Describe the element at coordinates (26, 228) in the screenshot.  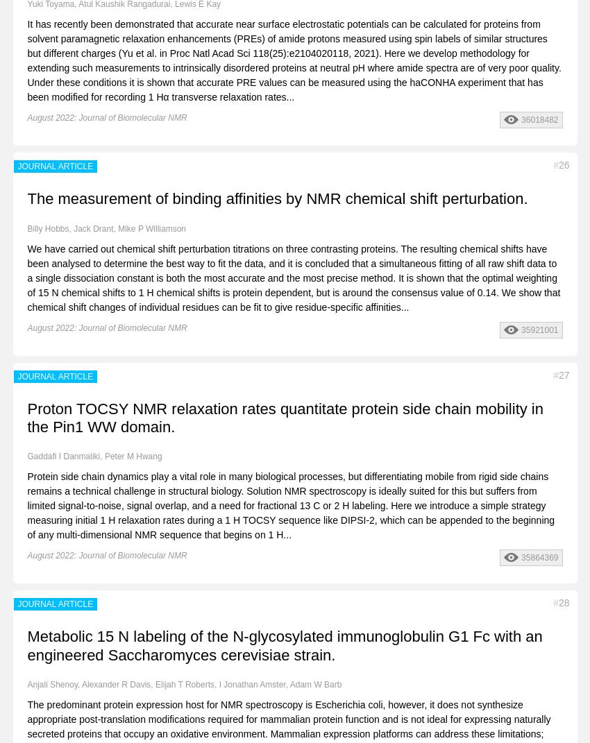
I see `'Billy Hobbs, Jack Drant, Mike P Williamson'` at that location.